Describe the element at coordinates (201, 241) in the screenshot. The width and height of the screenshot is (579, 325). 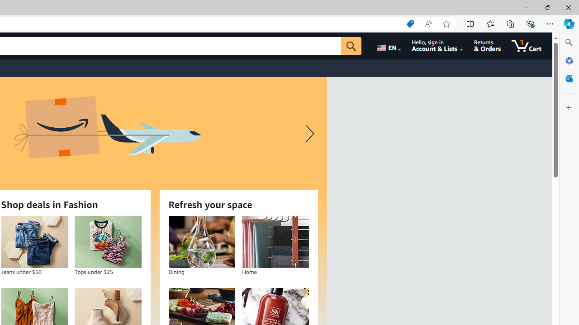
I see `'Dining'` at that location.